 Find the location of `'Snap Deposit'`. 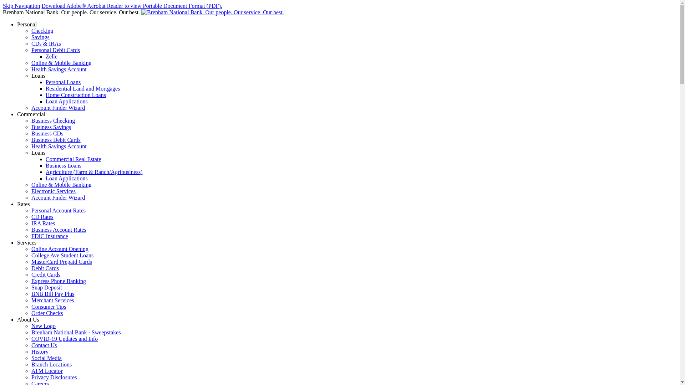

'Snap Deposit' is located at coordinates (31, 287).